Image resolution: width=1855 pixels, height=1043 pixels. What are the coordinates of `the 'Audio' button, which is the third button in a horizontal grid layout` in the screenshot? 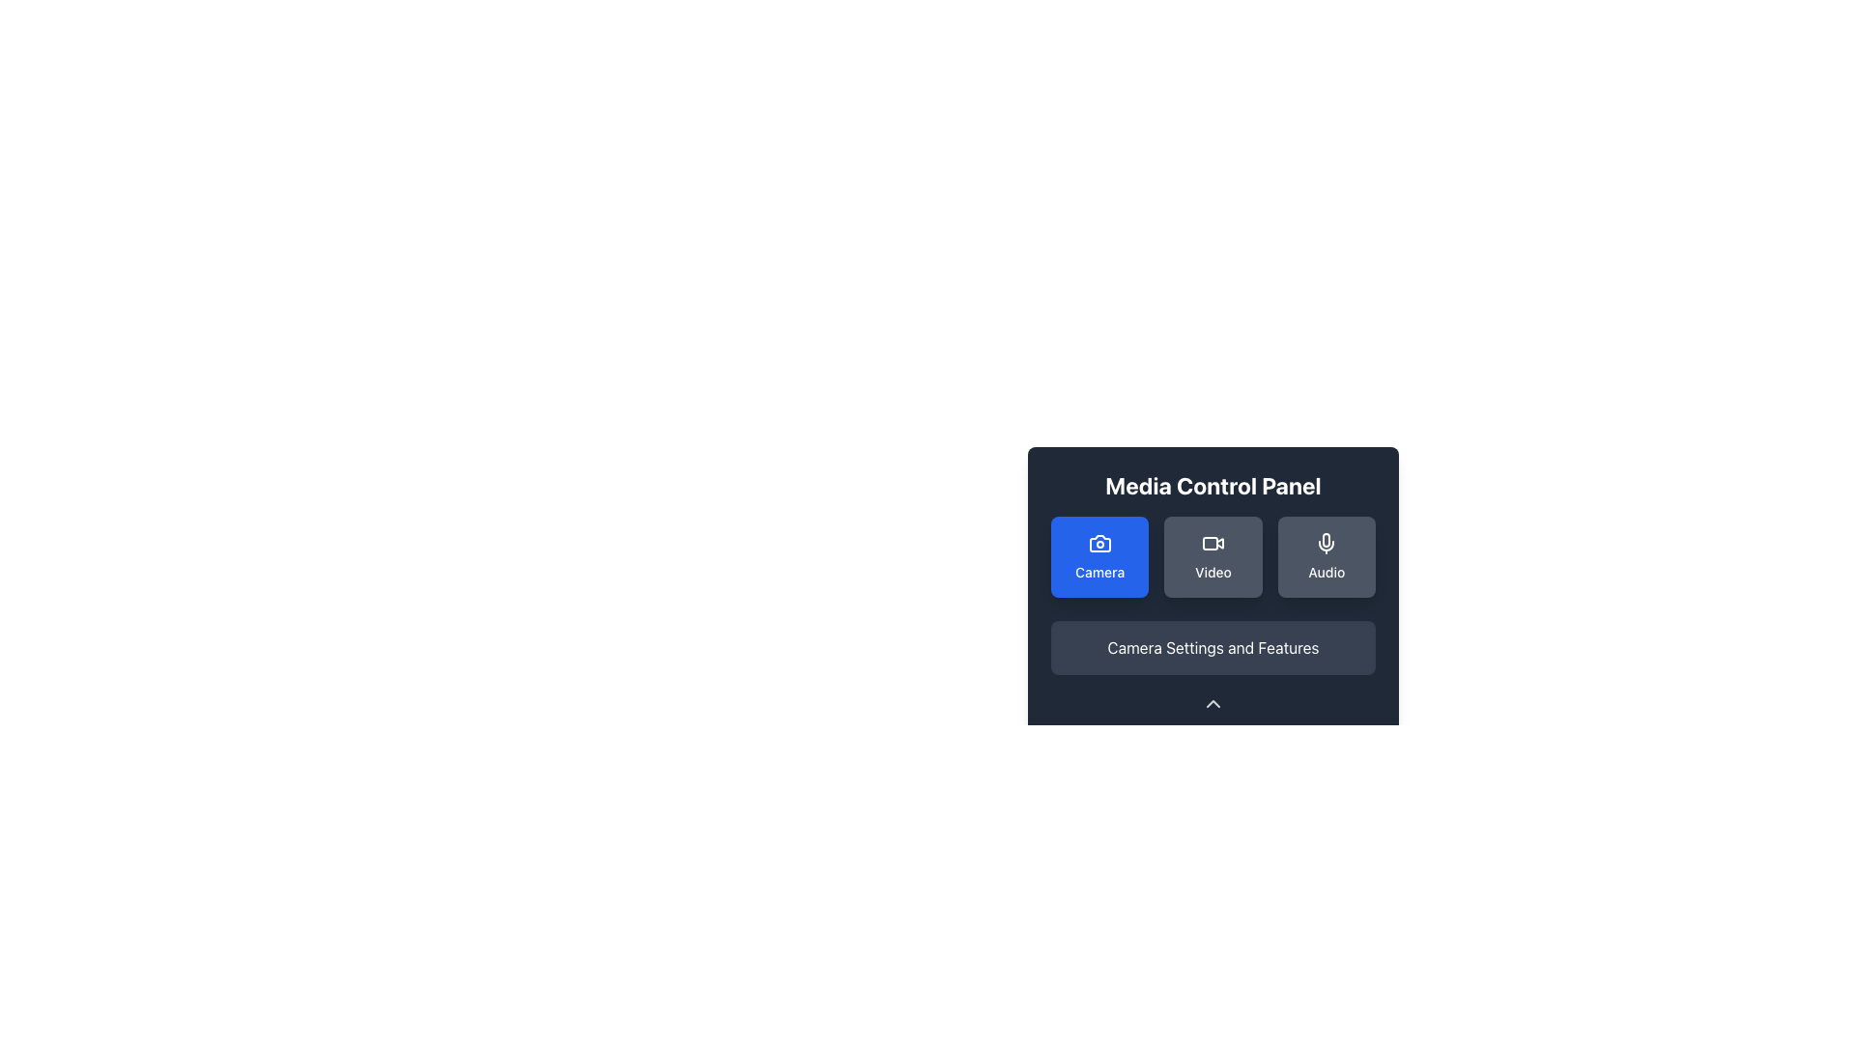 It's located at (1326, 557).